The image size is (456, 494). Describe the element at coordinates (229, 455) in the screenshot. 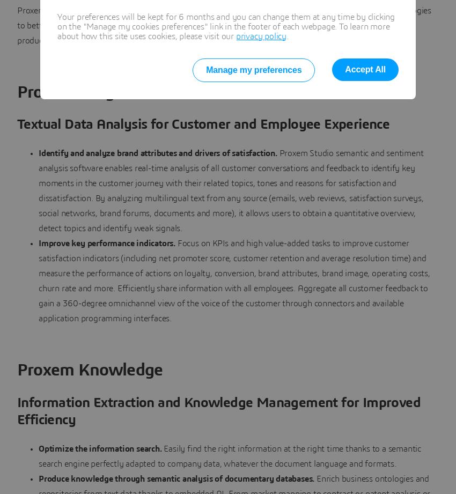

I see `'Easily find the right information at the right time thanks to a semantic search engine perfectly adapted to company data, whatever the document language and formats.'` at that location.